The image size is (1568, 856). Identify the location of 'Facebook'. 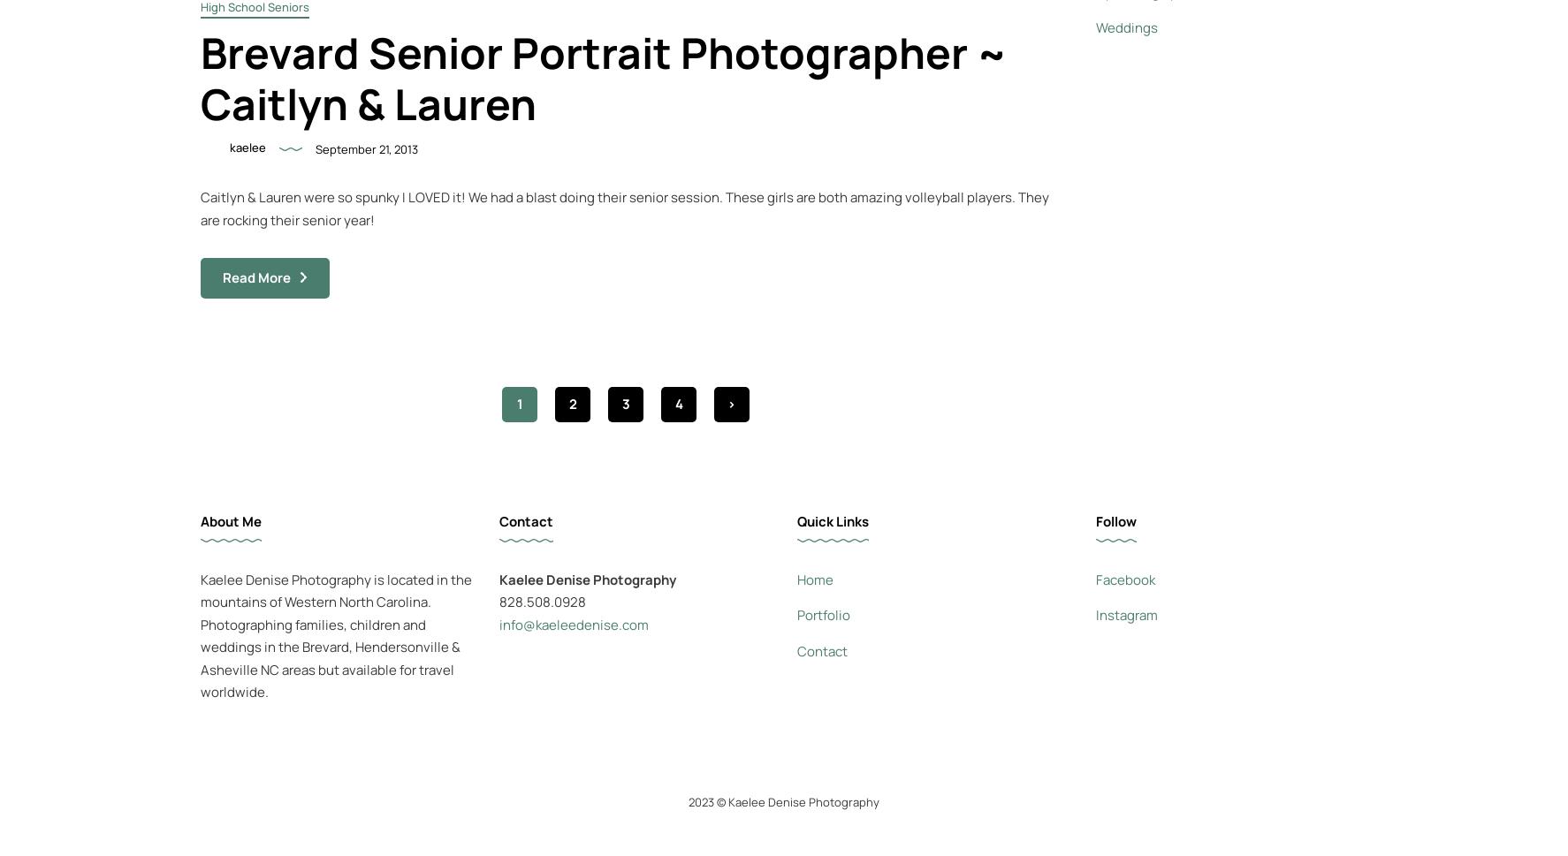
(1094, 579).